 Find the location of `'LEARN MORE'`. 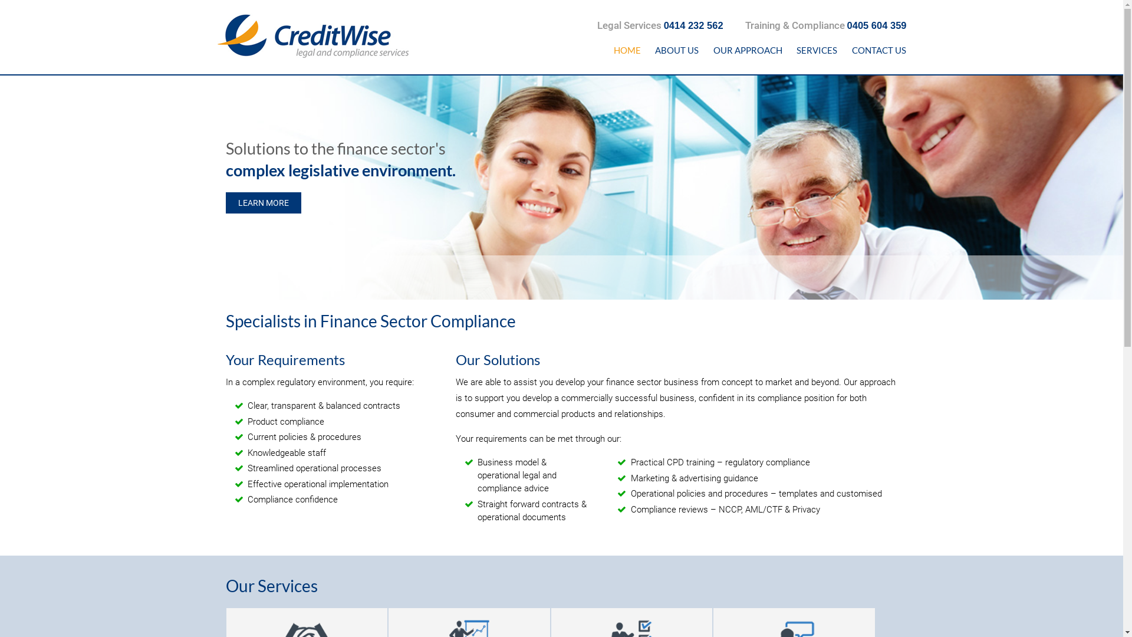

'LEARN MORE' is located at coordinates (225, 202).